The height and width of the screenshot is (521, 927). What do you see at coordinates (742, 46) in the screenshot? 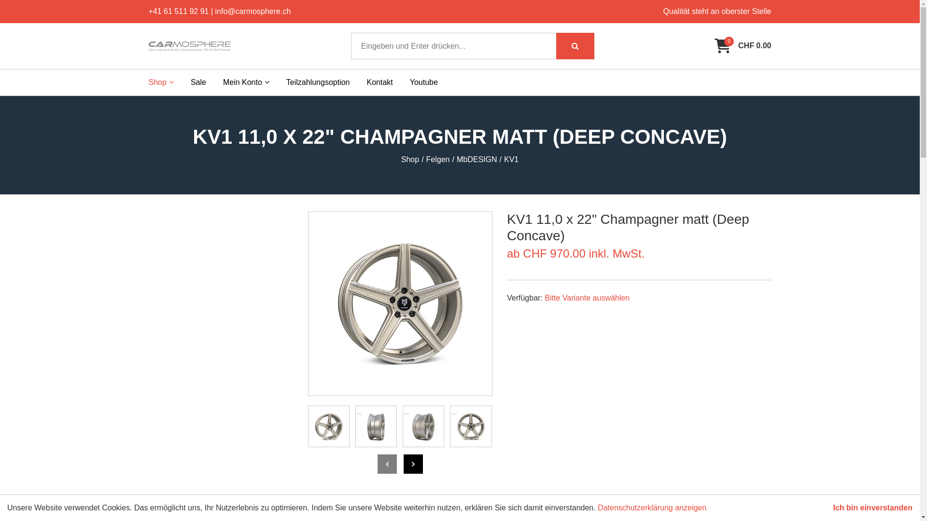
I see `'0` at bounding box center [742, 46].